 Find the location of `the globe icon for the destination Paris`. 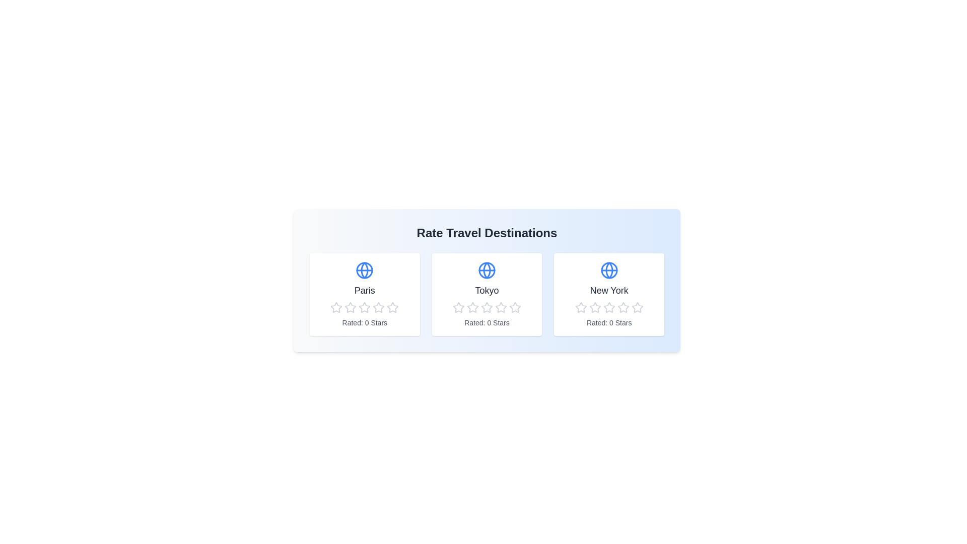

the globe icon for the destination Paris is located at coordinates (364, 269).